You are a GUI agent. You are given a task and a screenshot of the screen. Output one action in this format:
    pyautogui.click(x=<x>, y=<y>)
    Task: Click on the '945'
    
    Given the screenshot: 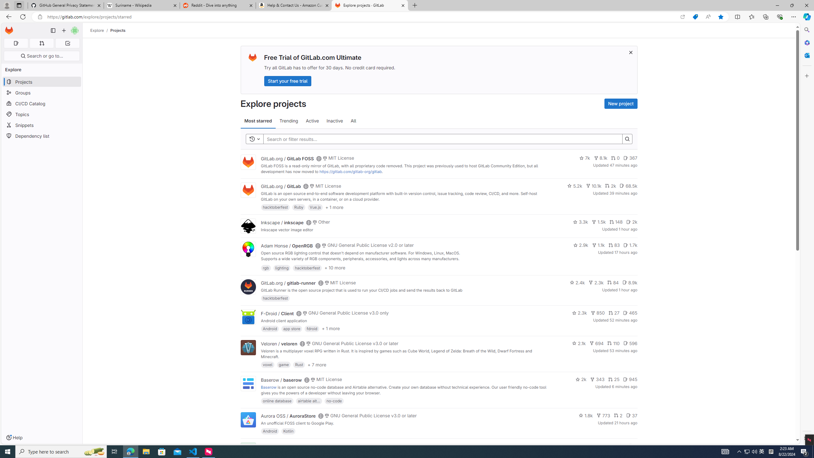 What is the action you would take?
    pyautogui.click(x=630, y=379)
    